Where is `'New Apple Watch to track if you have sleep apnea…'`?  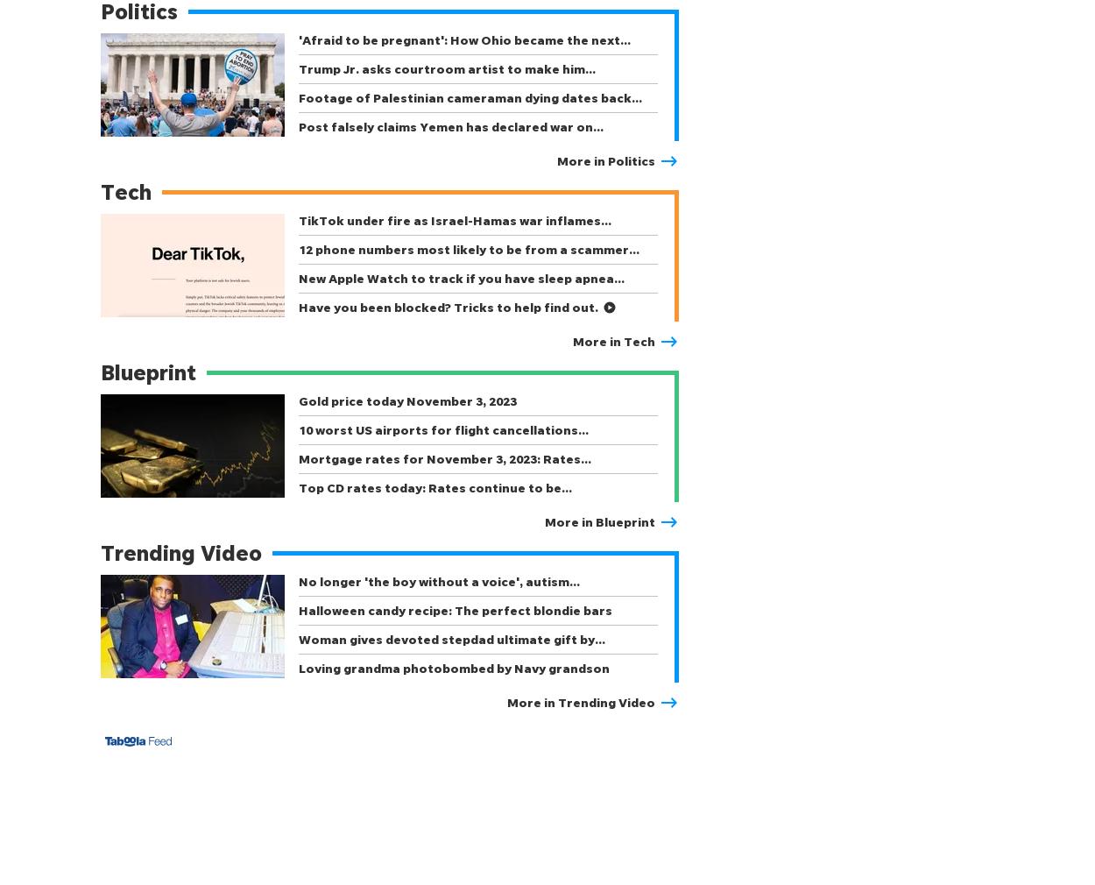 'New Apple Watch to track if you have sleep apnea…' is located at coordinates (462, 278).